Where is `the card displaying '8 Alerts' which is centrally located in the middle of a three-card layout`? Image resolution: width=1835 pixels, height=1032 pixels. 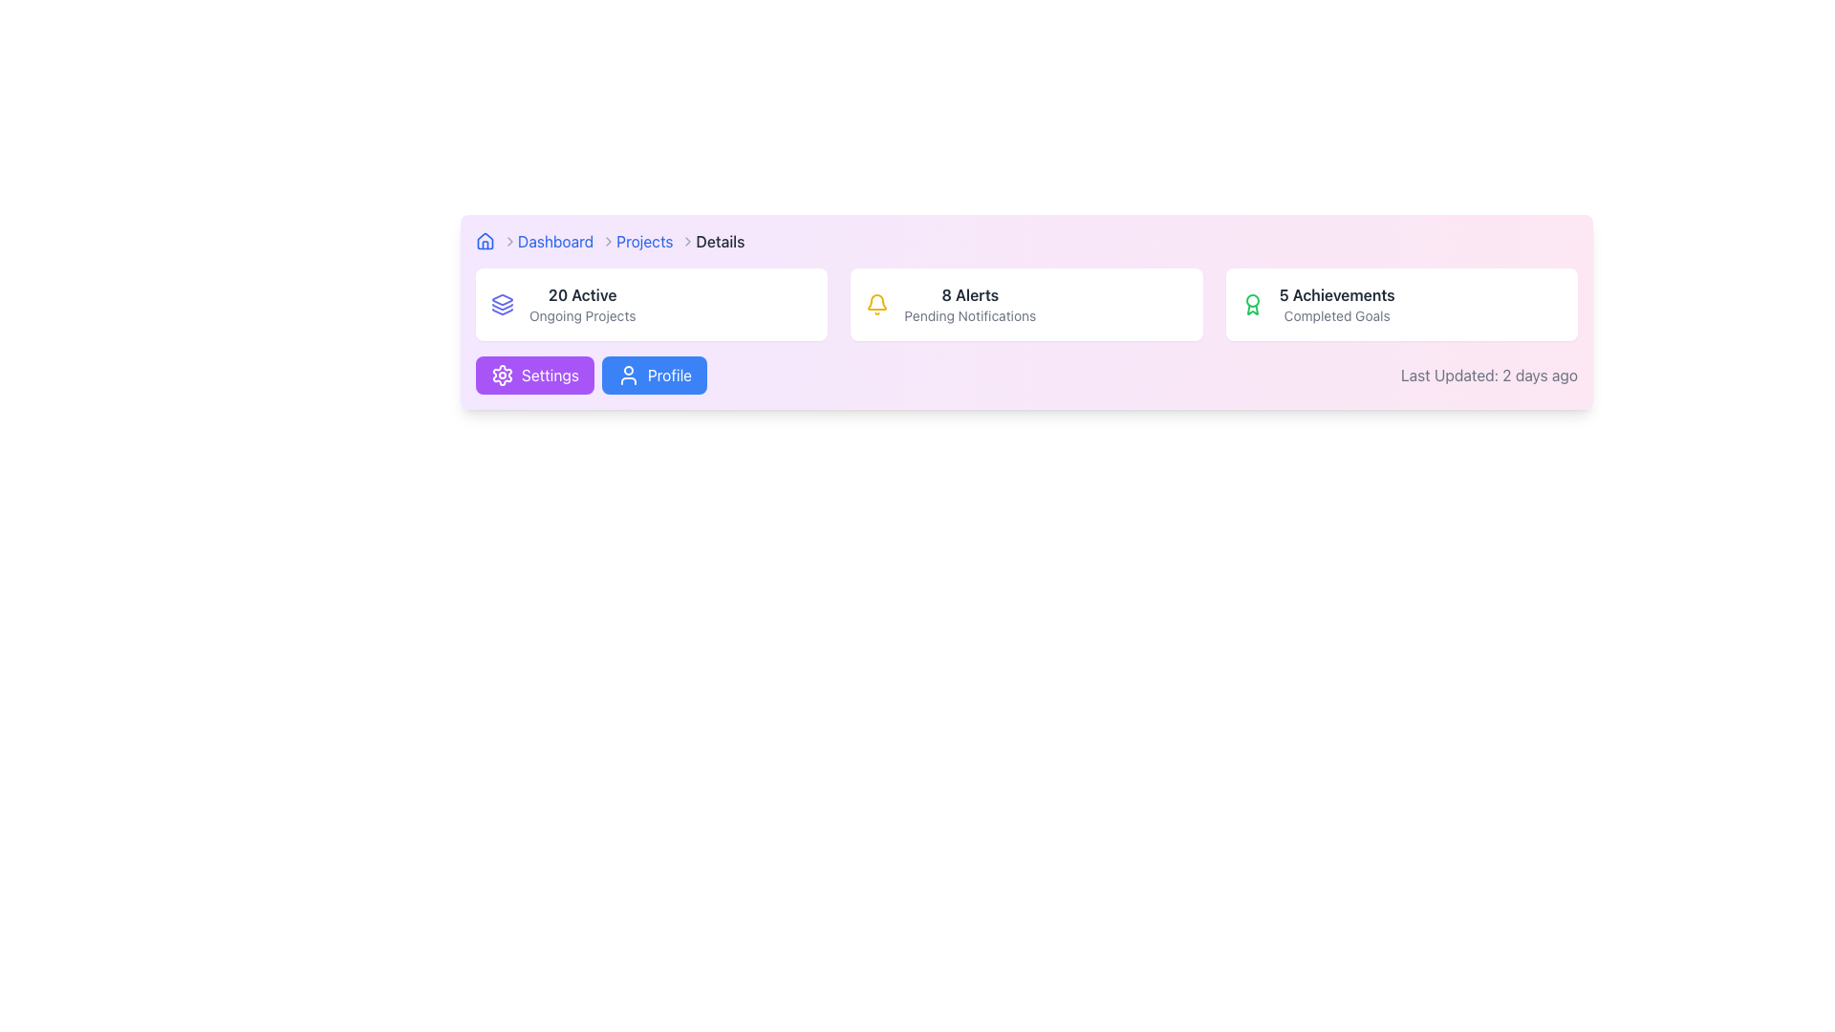 the card displaying '8 Alerts' which is centrally located in the middle of a three-card layout is located at coordinates (1025, 304).